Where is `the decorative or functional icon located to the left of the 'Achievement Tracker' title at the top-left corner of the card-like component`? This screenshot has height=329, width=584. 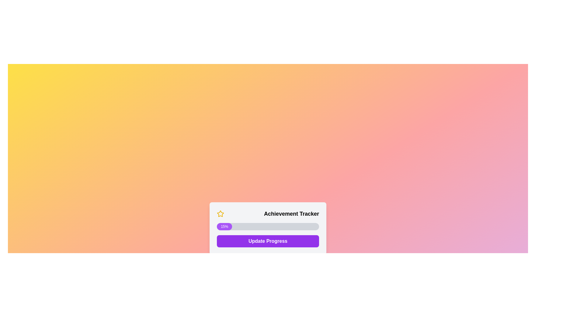 the decorative or functional icon located to the left of the 'Achievement Tracker' title at the top-left corner of the card-like component is located at coordinates (220, 213).